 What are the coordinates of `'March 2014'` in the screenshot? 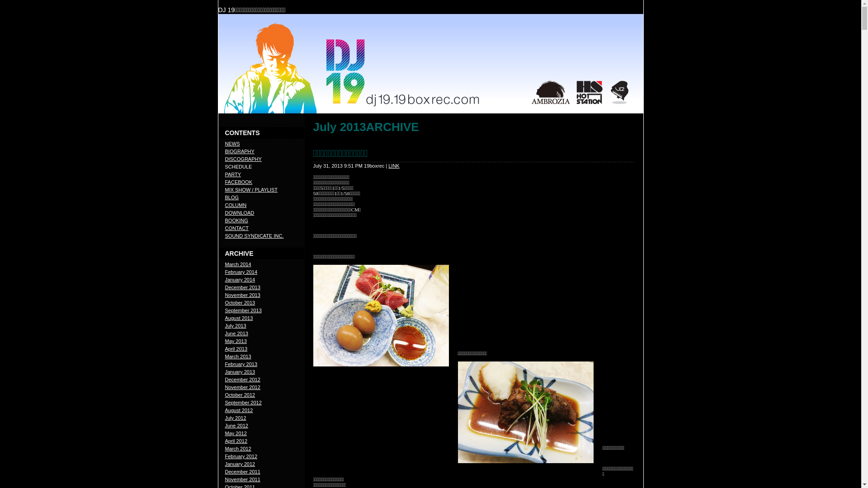 It's located at (225, 264).